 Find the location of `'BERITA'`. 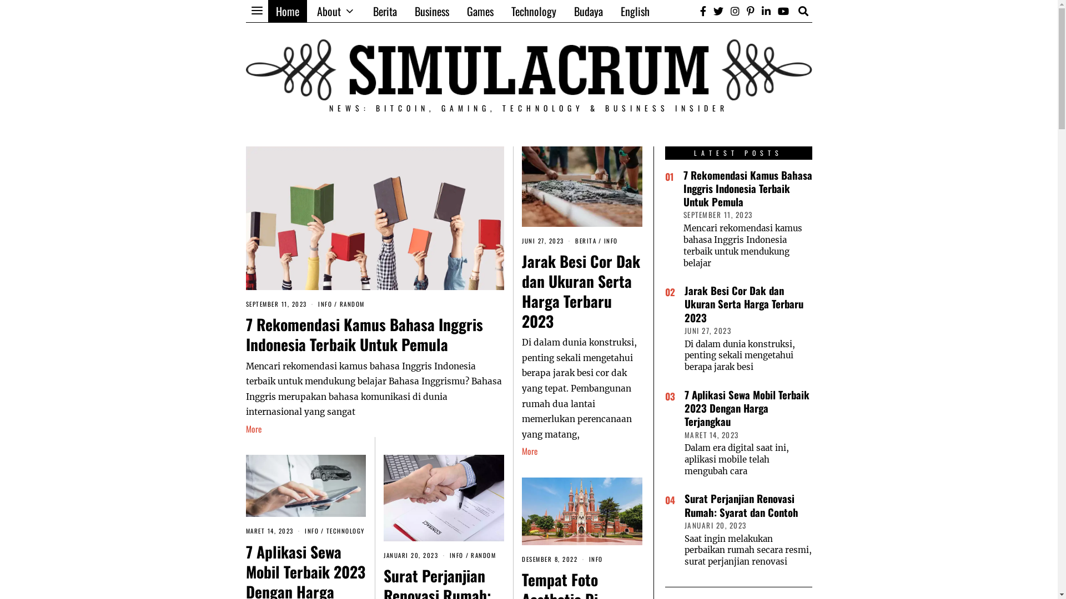

'BERITA' is located at coordinates (585, 240).